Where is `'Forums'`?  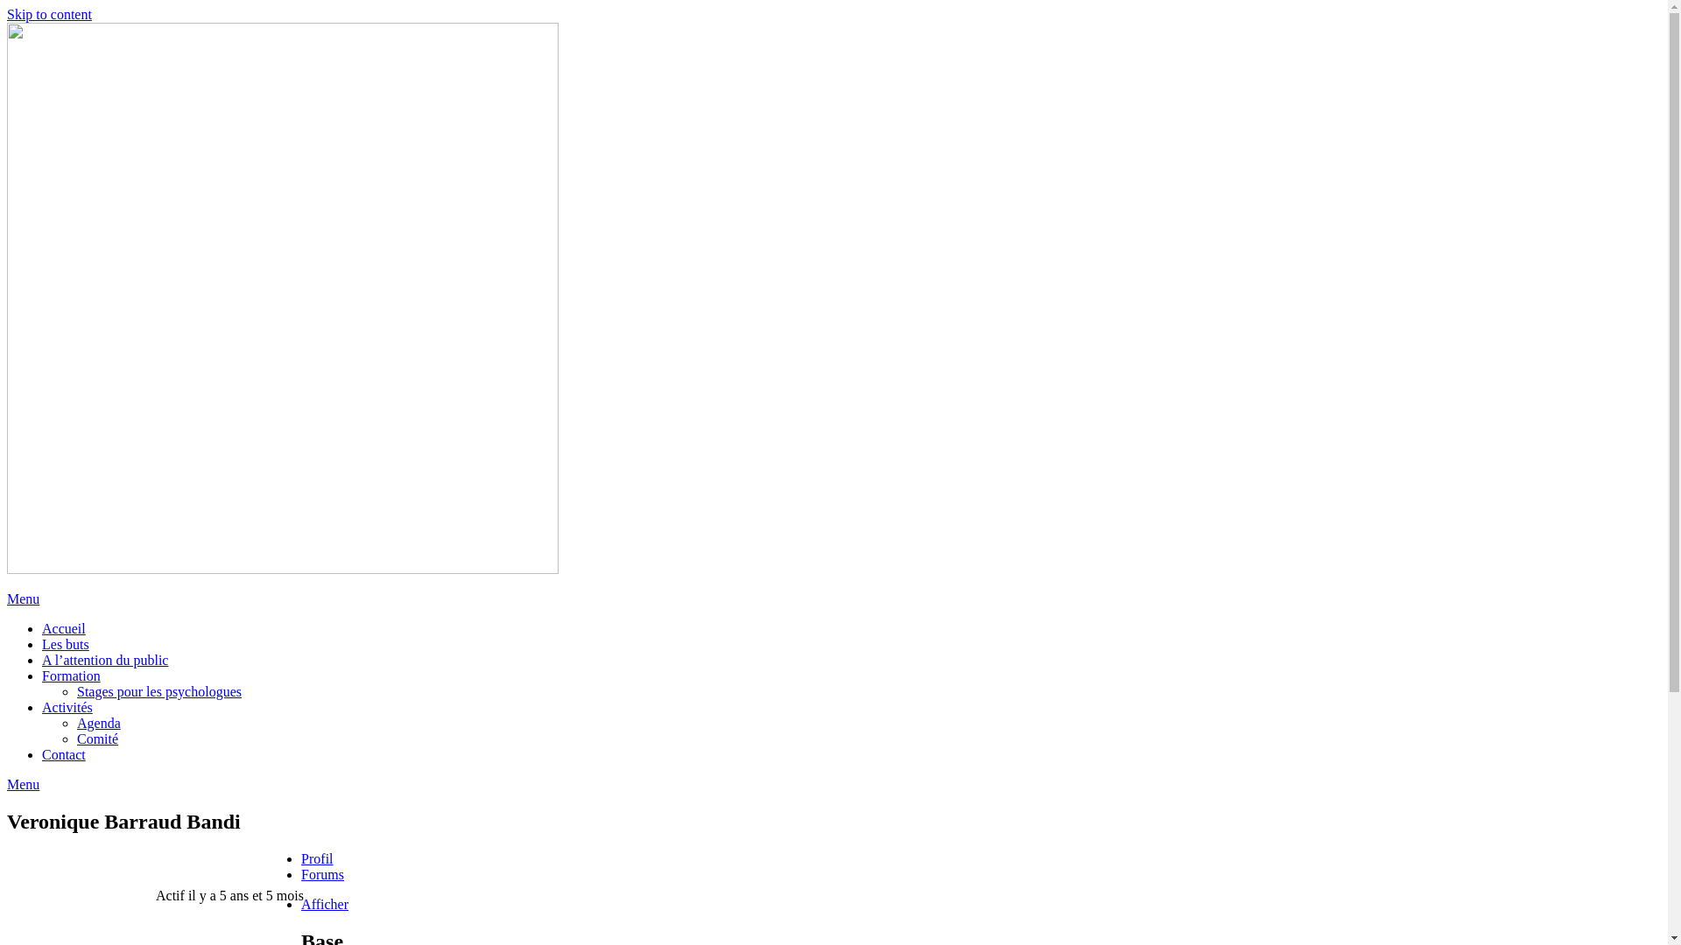
'Forums' is located at coordinates (322, 874).